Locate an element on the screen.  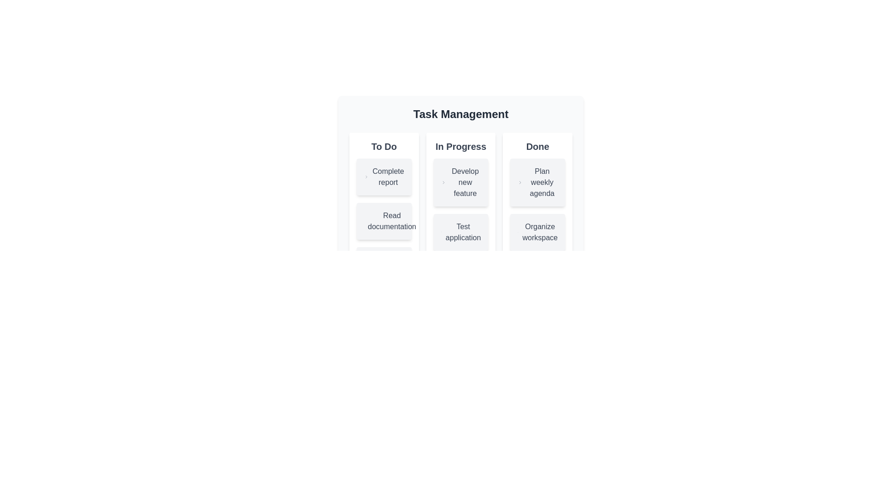
the 'Read documentation' text label with an icon located in the second row of the 'To Do' column of the task management grid is located at coordinates (384, 221).